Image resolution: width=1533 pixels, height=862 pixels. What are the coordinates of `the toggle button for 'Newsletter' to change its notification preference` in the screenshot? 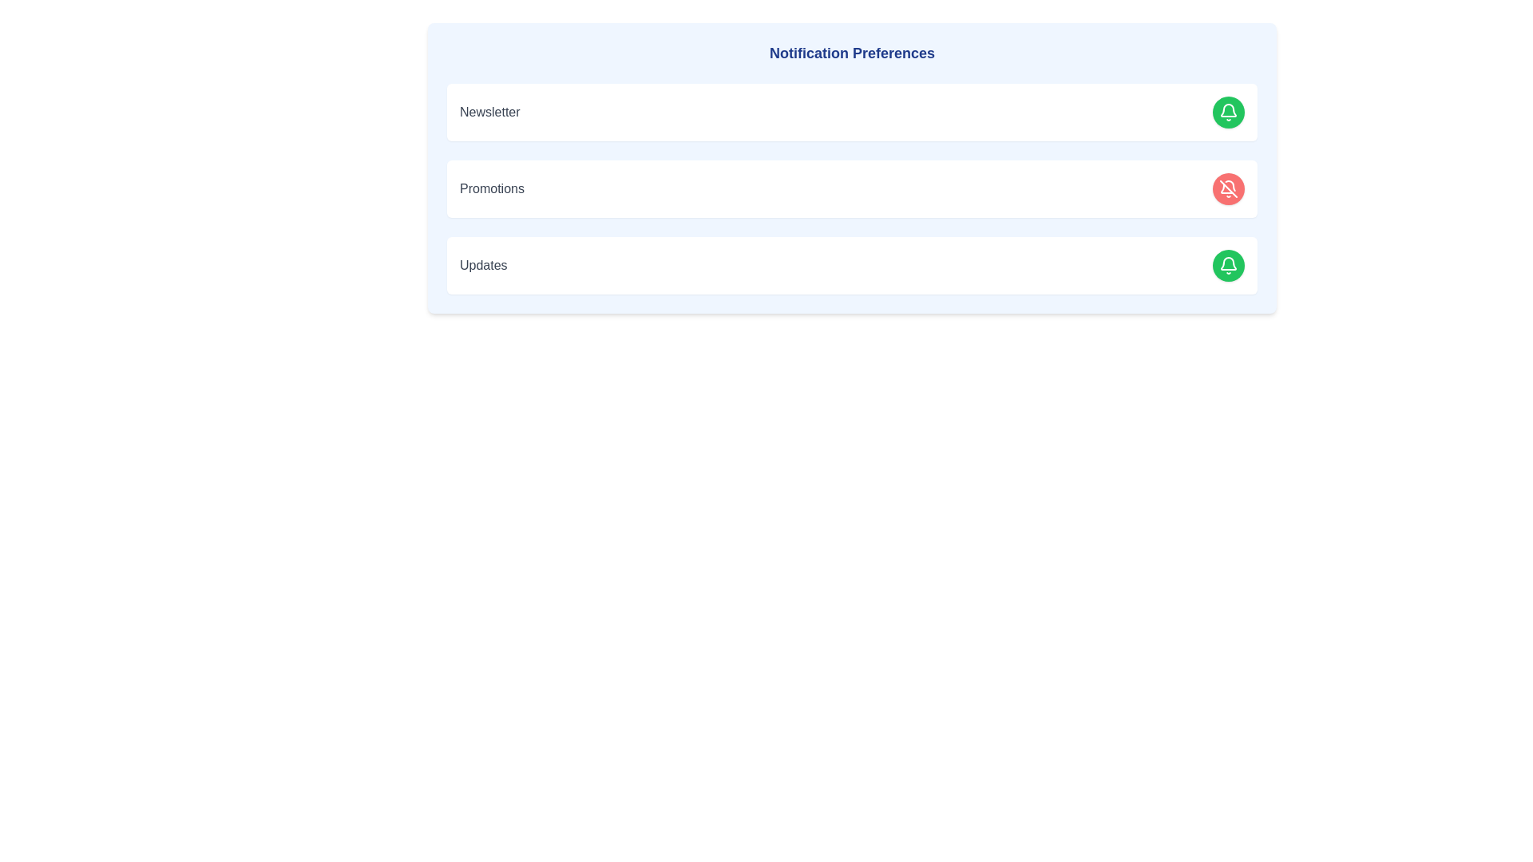 It's located at (1228, 112).